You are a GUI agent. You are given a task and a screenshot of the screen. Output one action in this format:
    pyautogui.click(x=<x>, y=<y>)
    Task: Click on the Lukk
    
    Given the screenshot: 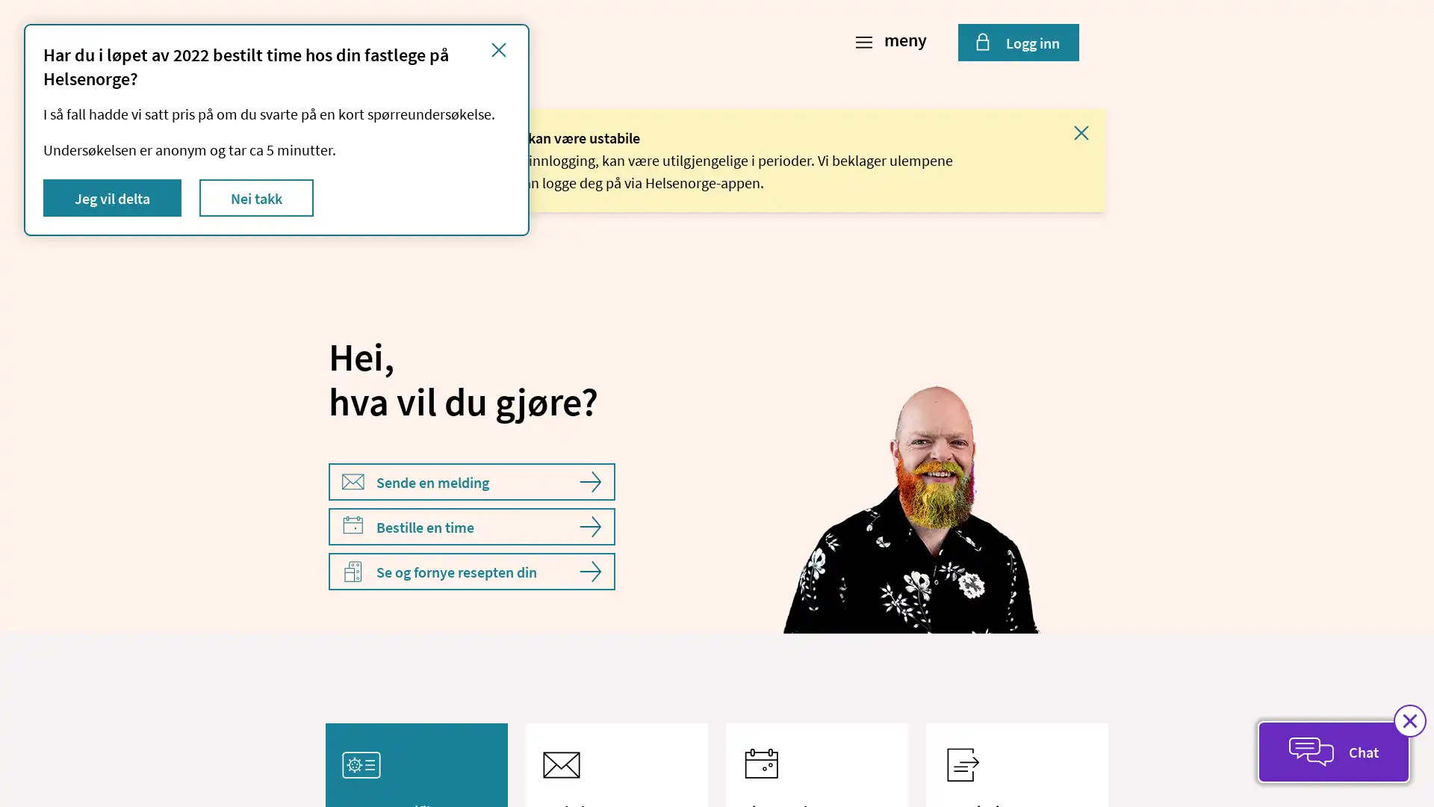 What is the action you would take?
    pyautogui.click(x=498, y=49)
    